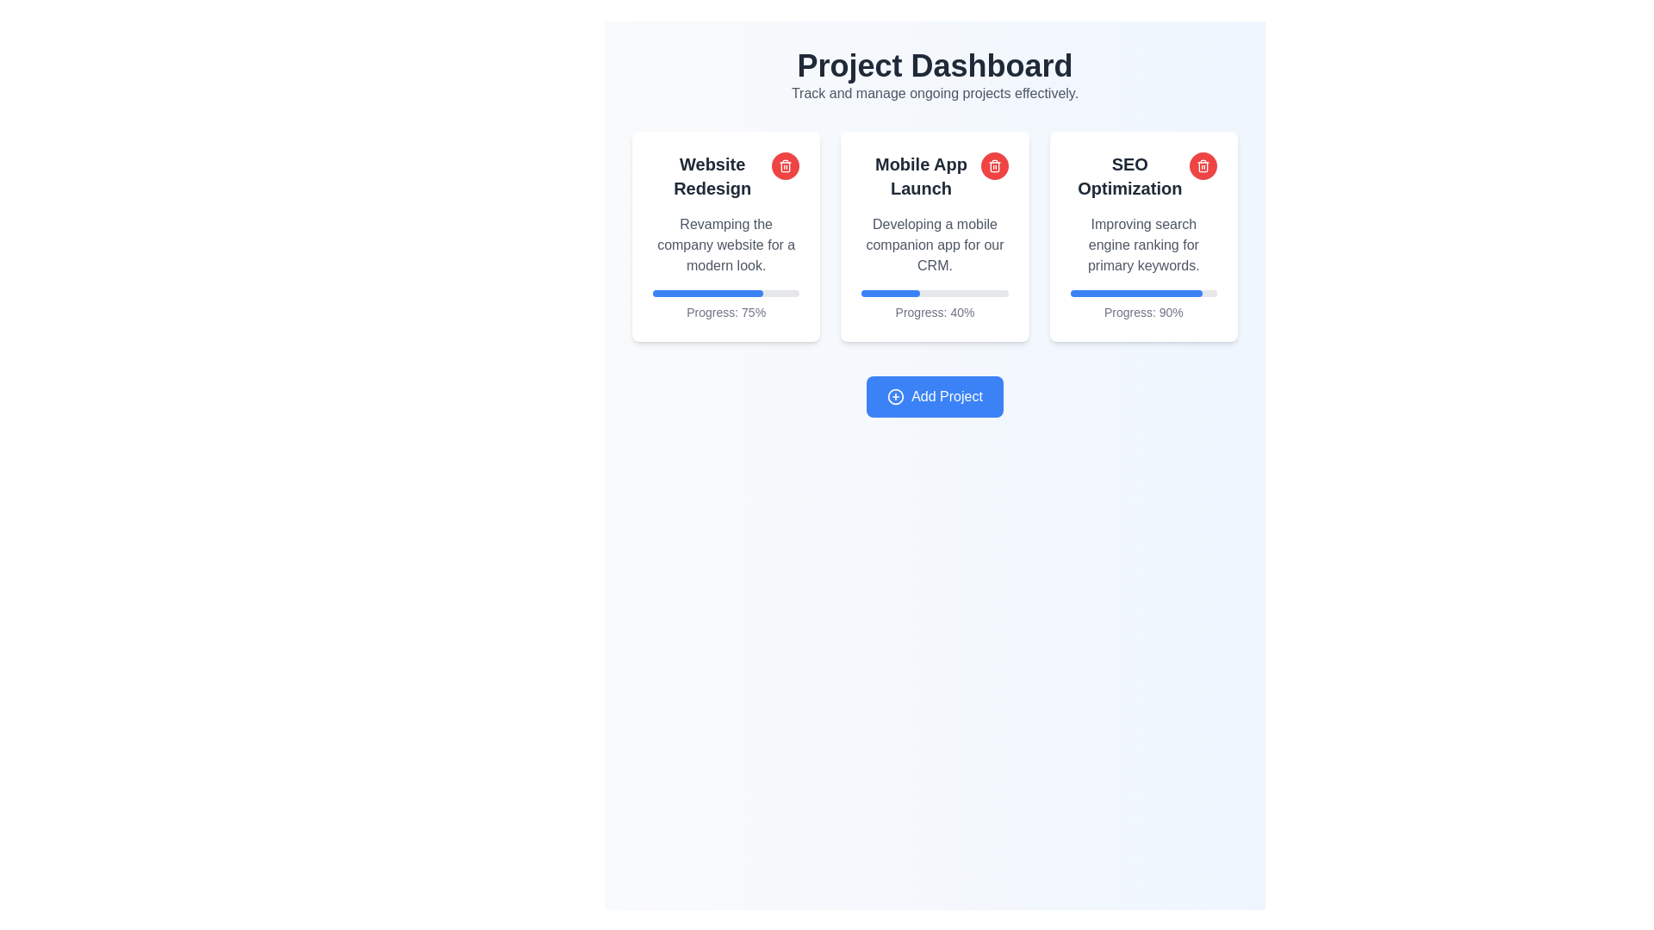 This screenshot has height=930, width=1654. Describe the element at coordinates (1143, 292) in the screenshot. I see `the completion level of the progress bar indicating 90% completion, located in the 'SEO Optimization' card on the dashboard` at that location.